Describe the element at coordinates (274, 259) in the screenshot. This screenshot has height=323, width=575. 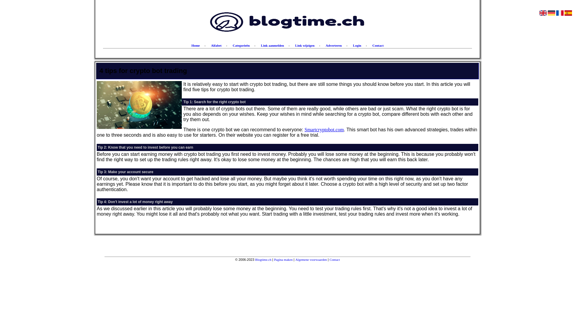
I see `'Pagina maken'` at that location.